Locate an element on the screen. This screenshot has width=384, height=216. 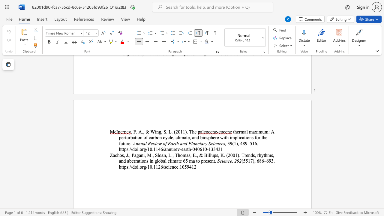
the space between the continuous character "." and "," in the text is located at coordinates (143, 131).